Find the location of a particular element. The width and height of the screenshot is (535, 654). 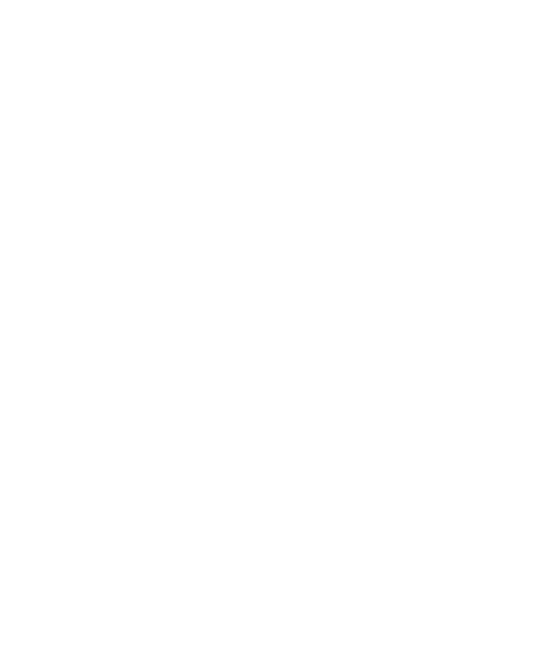

'(82)' is located at coordinates (118, 179).